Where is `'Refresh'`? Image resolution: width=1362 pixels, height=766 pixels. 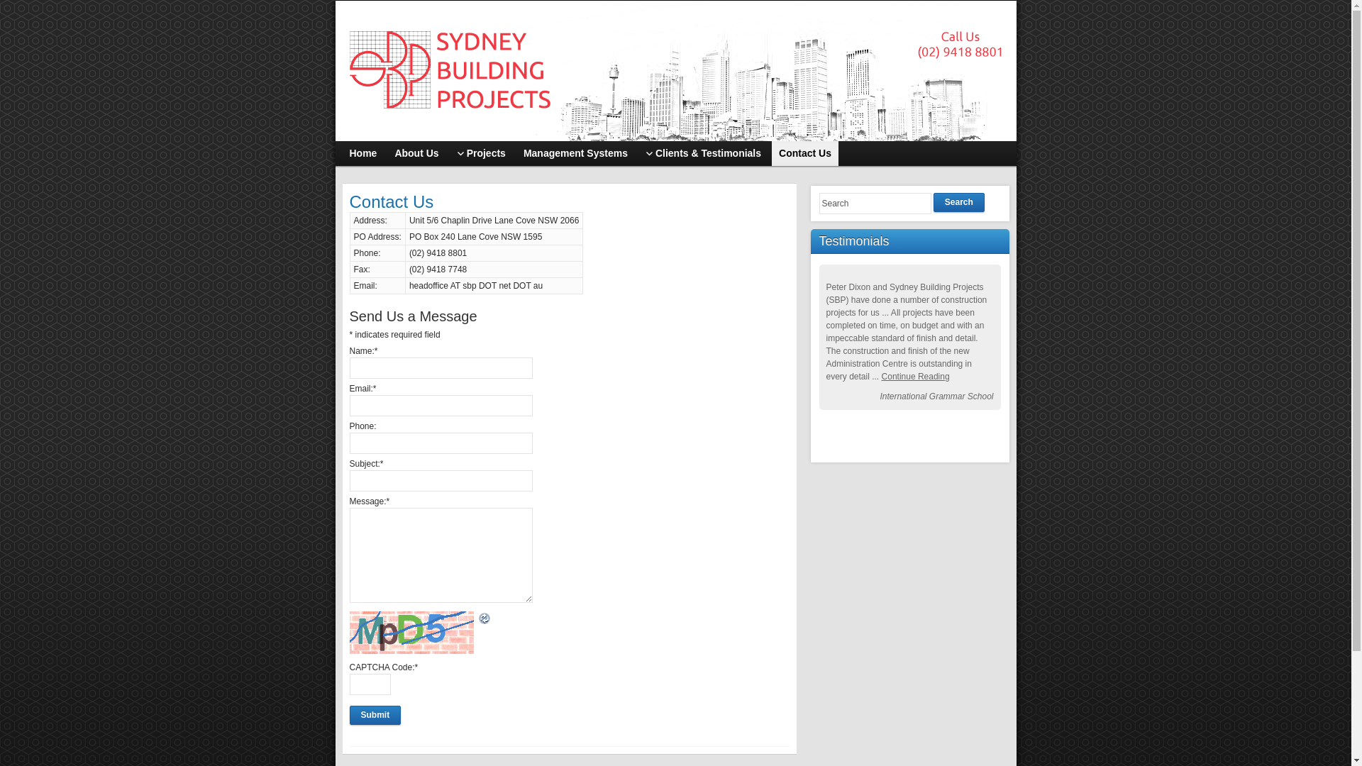
'Refresh' is located at coordinates (484, 618).